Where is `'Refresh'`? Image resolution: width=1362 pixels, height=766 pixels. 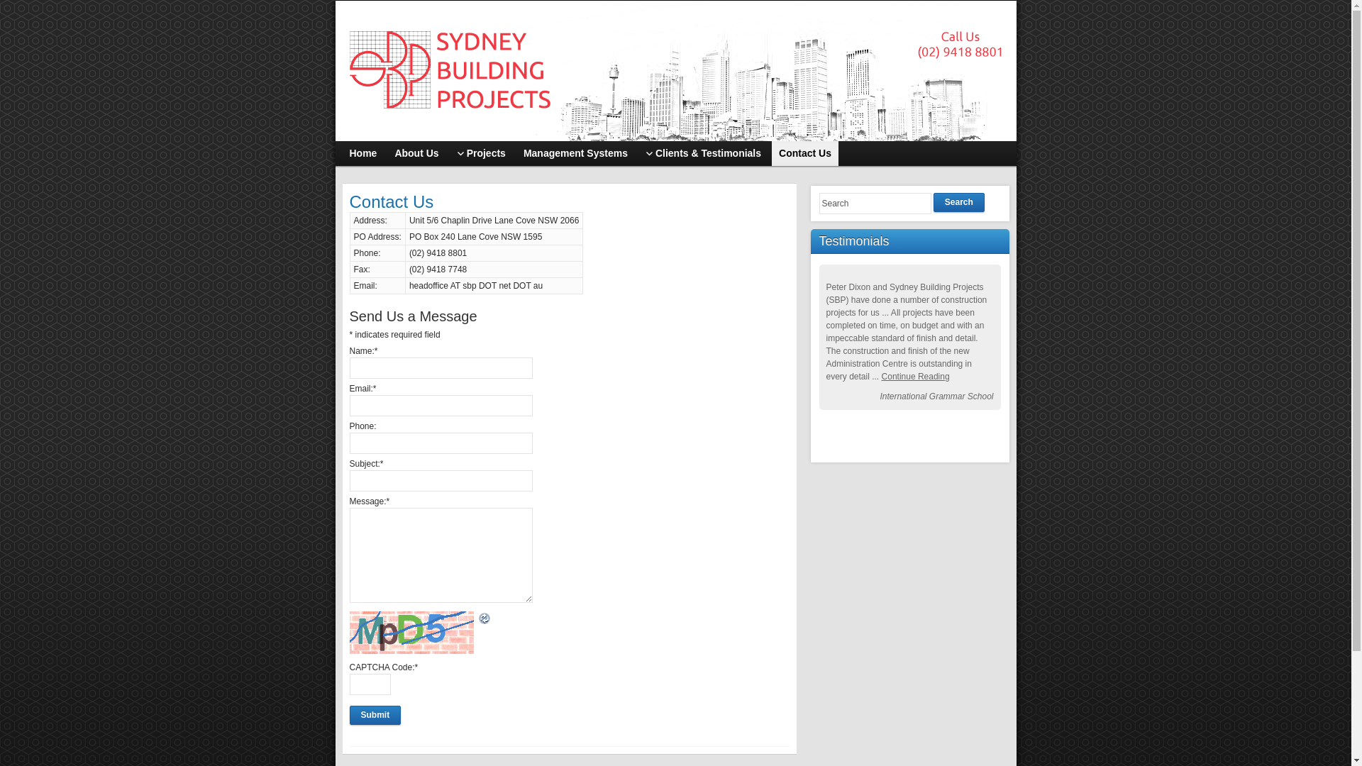
'Refresh' is located at coordinates (484, 618).